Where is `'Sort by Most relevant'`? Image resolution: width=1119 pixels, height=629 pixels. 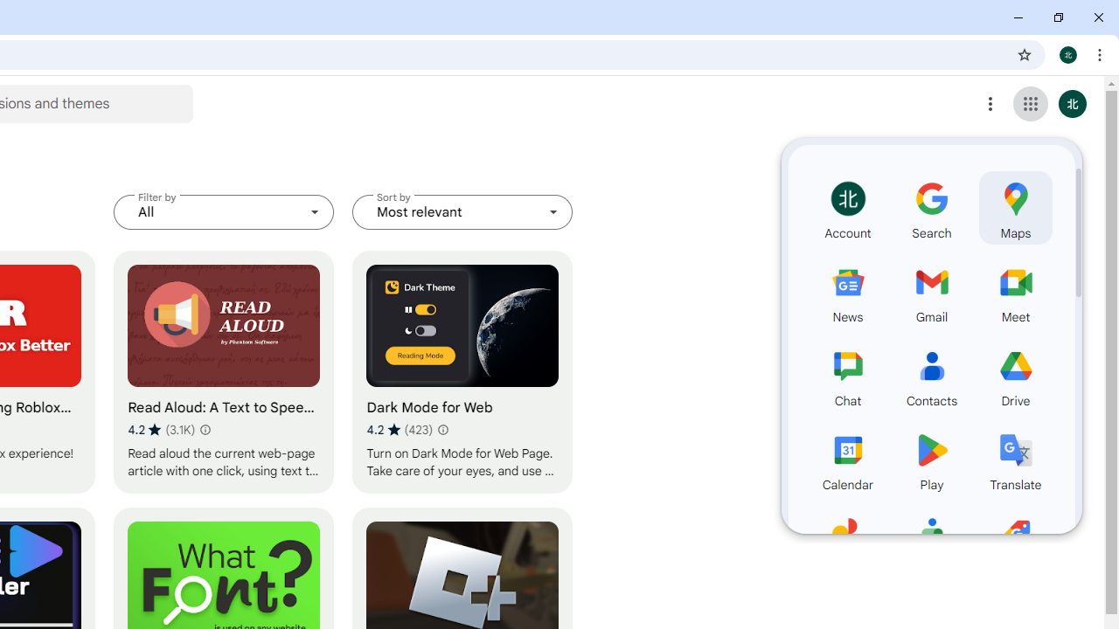 'Sort by Most relevant' is located at coordinates (462, 211).